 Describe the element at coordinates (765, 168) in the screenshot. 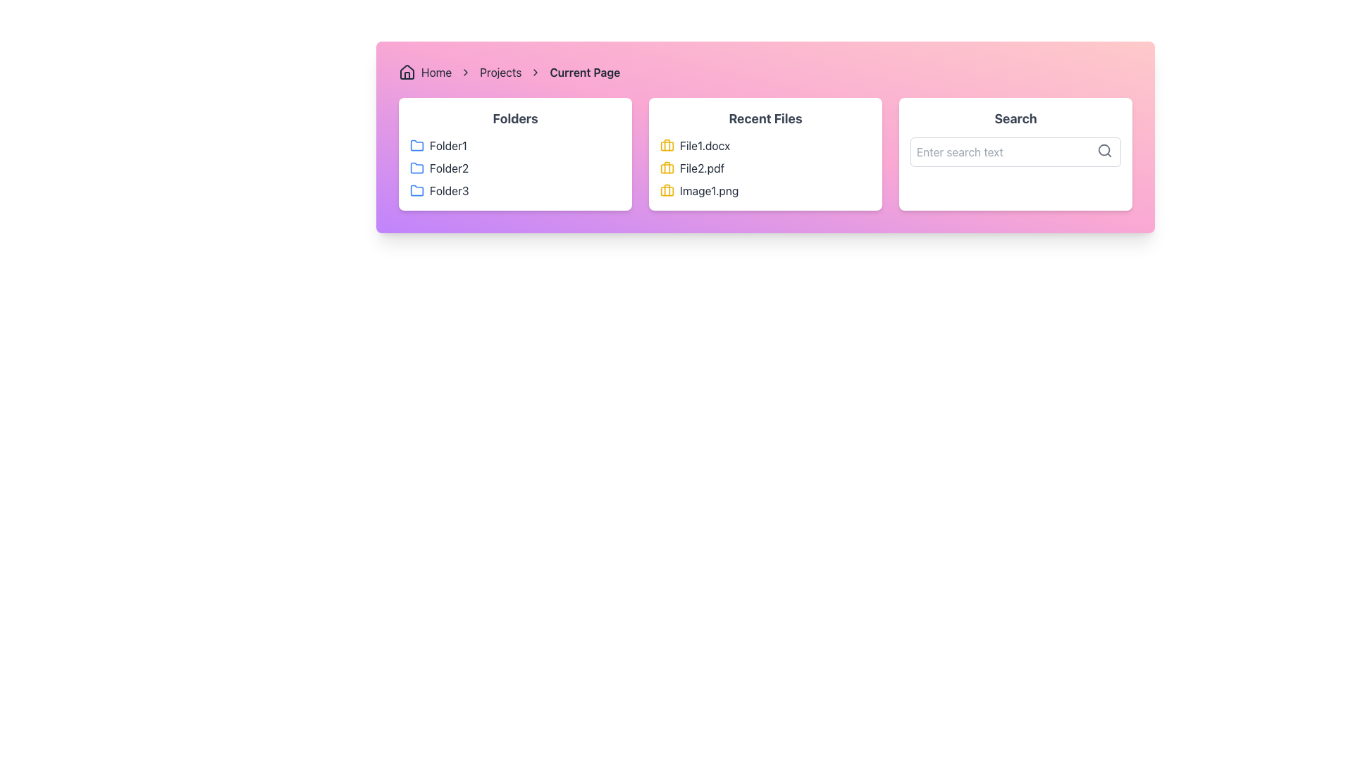

I see `the second list item in the 'Recent Files' section` at that location.